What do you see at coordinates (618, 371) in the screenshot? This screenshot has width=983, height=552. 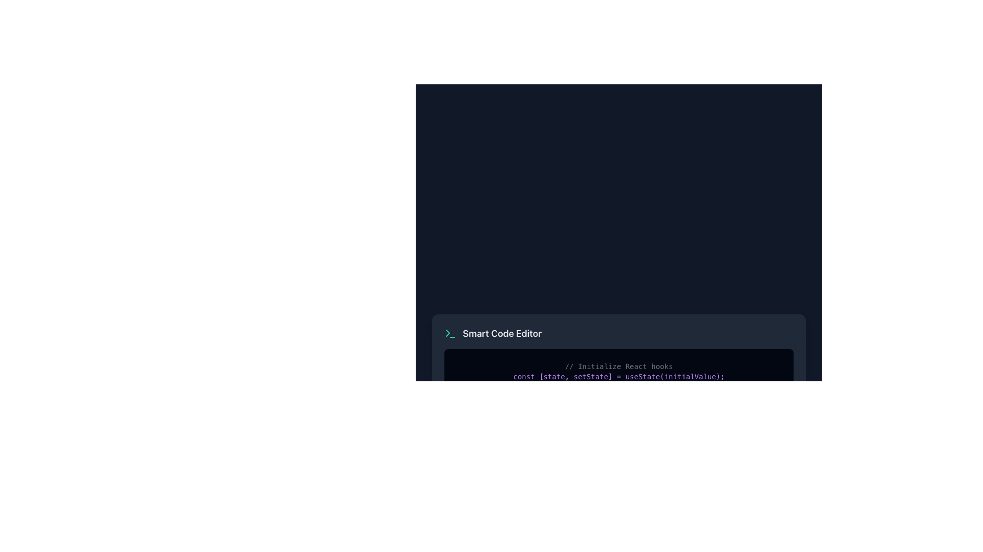 I see `the static text block displaying code located beneath the header in the 'Smart Code Editor' section` at bounding box center [618, 371].